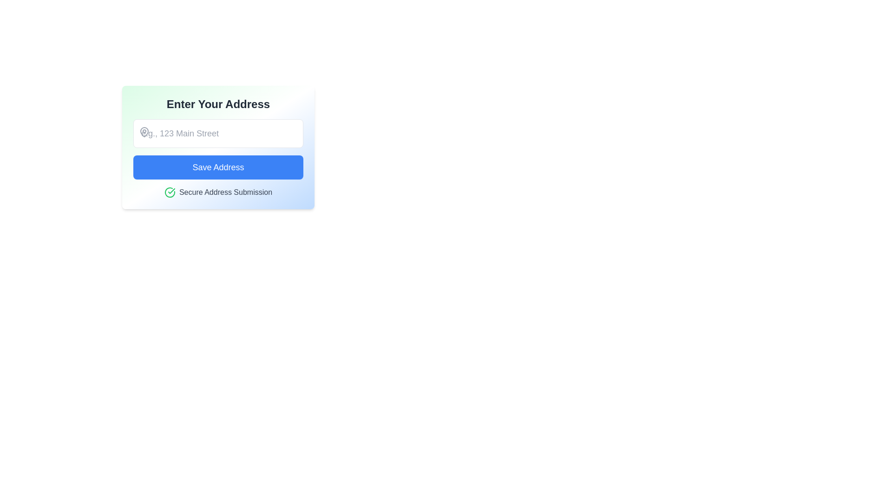 The height and width of the screenshot is (501, 892). What do you see at coordinates (218, 192) in the screenshot?
I see `the success indicator label with an icon, which confirms that the secure address submission has been completed successfully, located below the 'Save Address' button` at bounding box center [218, 192].